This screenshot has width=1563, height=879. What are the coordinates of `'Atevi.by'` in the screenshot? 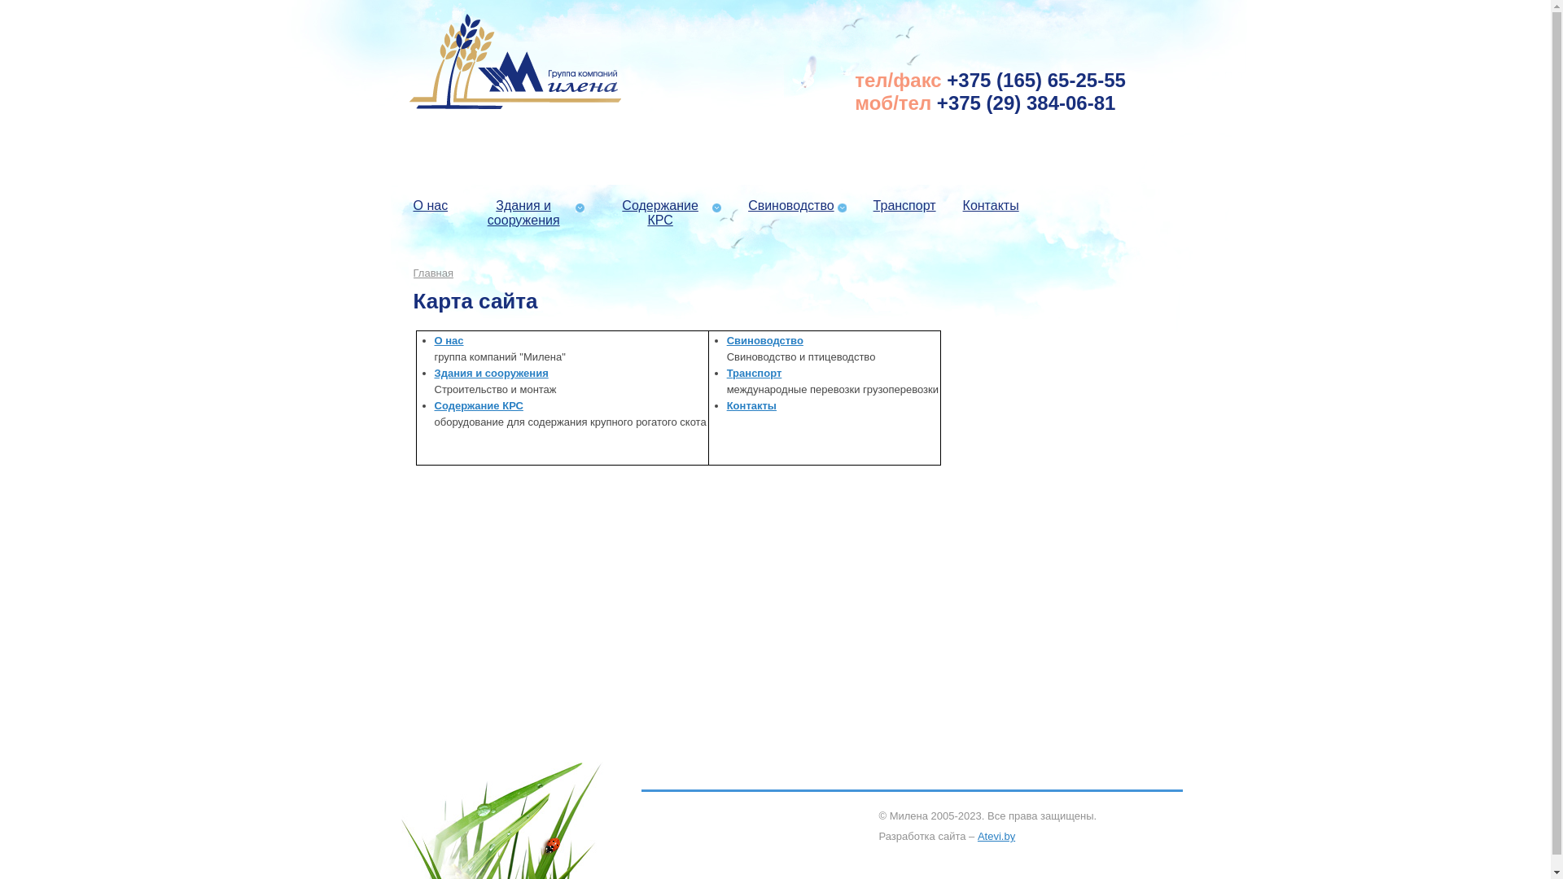 It's located at (996, 836).